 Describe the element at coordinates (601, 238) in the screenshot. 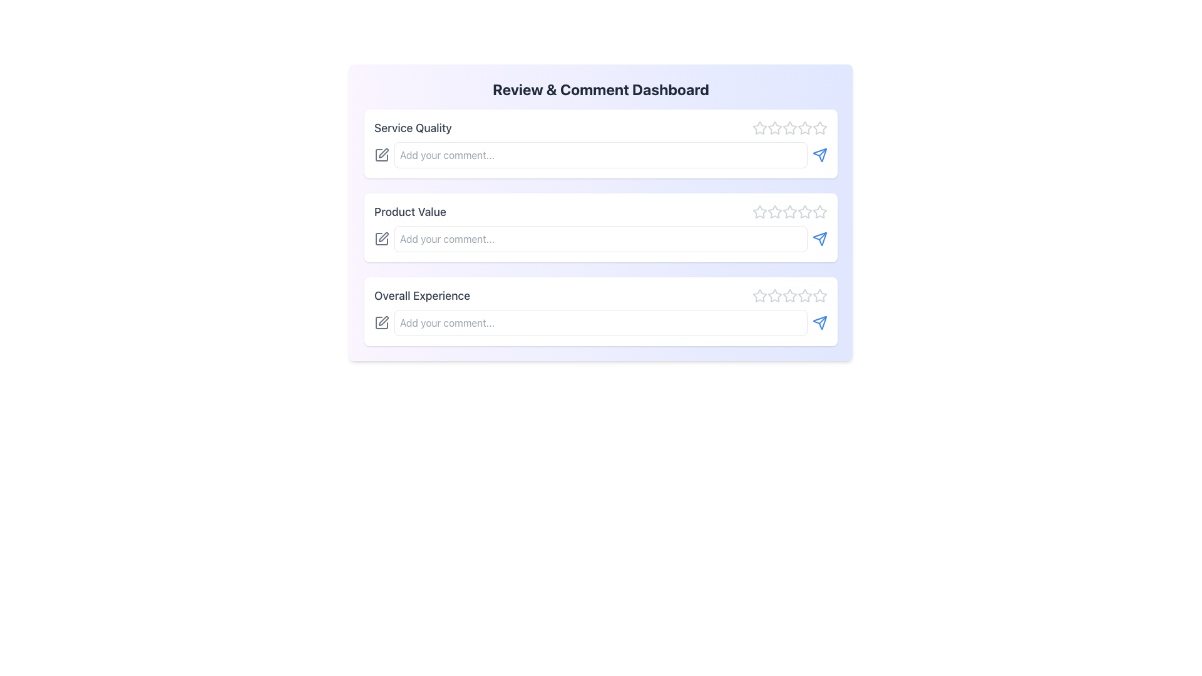

I see `the Comment Input Section in the 'Product Value' card` at that location.